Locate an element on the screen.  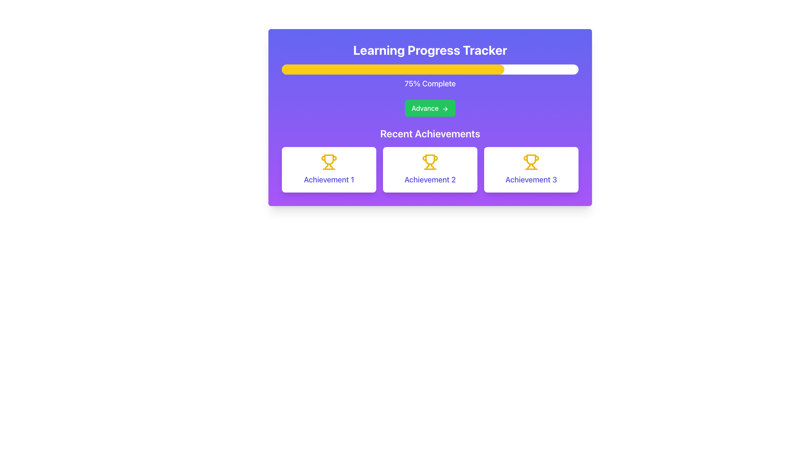
text label that displays 'Achievement 3', which is styled with a larger font size and bold lettering, located under the yellow trophy icon in the Recent Achievements section is located at coordinates (531, 179).